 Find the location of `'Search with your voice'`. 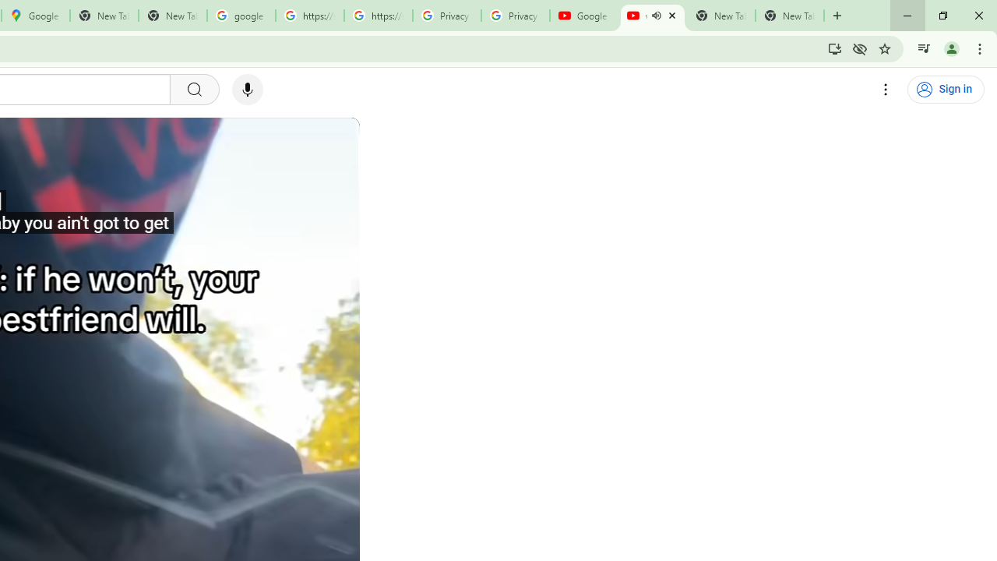

'Search with your voice' is located at coordinates (247, 90).